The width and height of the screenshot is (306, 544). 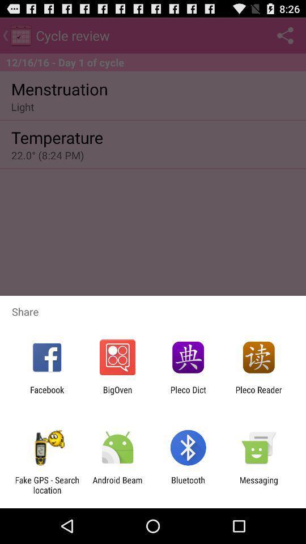 I want to click on the icon next to the fake gps search item, so click(x=117, y=484).